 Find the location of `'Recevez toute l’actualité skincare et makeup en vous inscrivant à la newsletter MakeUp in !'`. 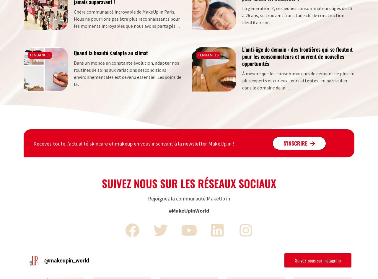

'Recevez toute l’actualité skincare et makeup en vous inscrivant à la newsletter MakeUp in !' is located at coordinates (133, 143).